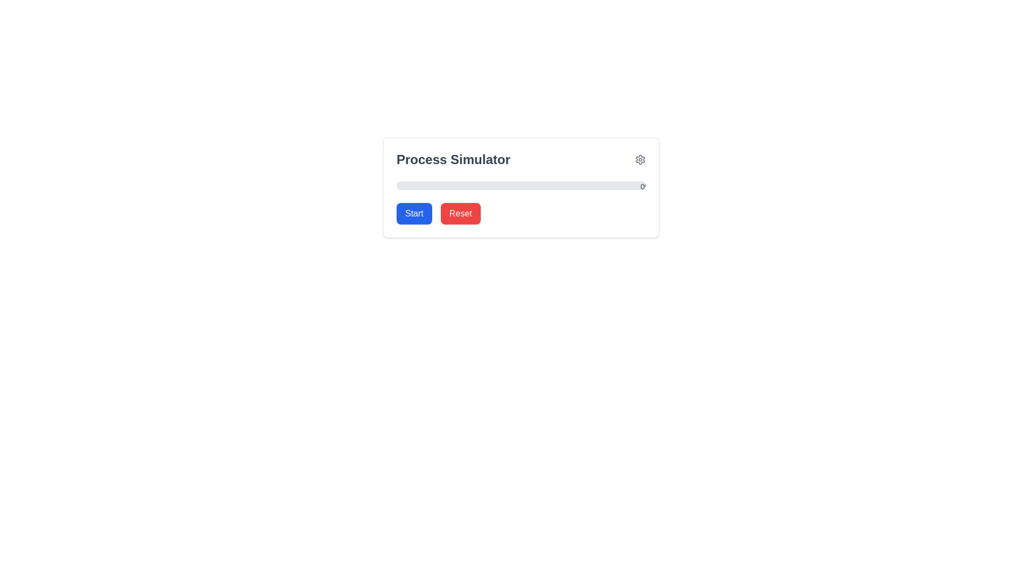 The width and height of the screenshot is (1036, 583). Describe the element at coordinates (640, 160) in the screenshot. I see `the gear icon located at the top-right corner of the 'Process Simulator' interface card` at that location.